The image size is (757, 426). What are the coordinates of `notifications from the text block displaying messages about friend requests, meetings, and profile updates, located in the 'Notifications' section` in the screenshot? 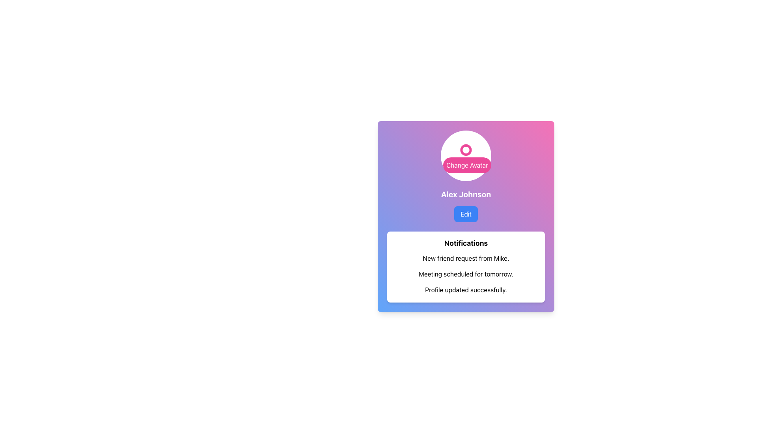 It's located at (466, 273).